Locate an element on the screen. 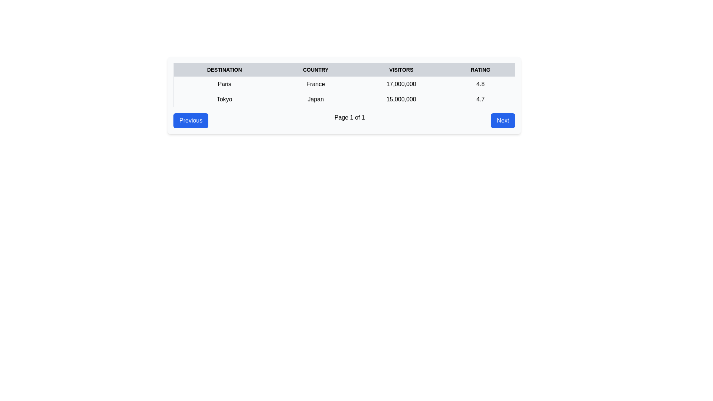  the text label displaying '17,000,000' in the third column of the table, which is styled with a center-aligned layout and black color is located at coordinates (401, 84).